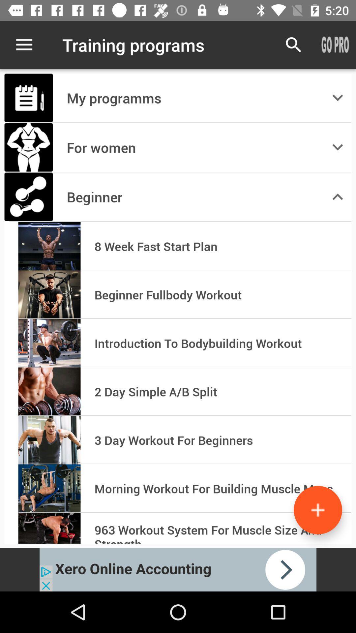 The height and width of the screenshot is (633, 356). Describe the element at coordinates (317, 510) in the screenshot. I see `more options` at that location.